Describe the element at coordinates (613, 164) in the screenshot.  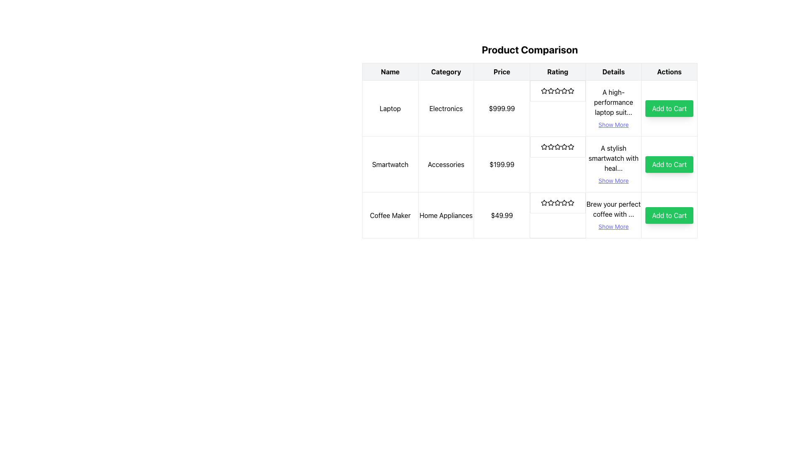
I see `the text block containing the 'Show More' link for the smartwatch in the product comparison table` at that location.